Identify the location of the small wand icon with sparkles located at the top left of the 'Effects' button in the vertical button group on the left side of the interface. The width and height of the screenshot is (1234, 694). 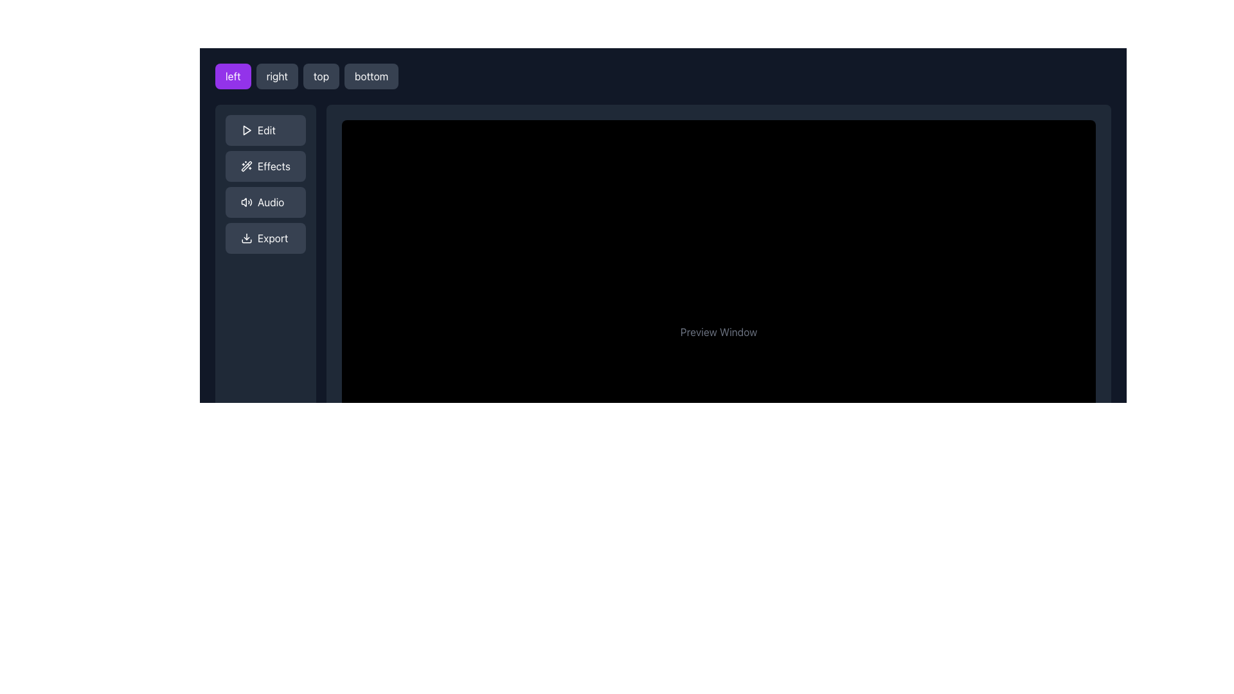
(247, 165).